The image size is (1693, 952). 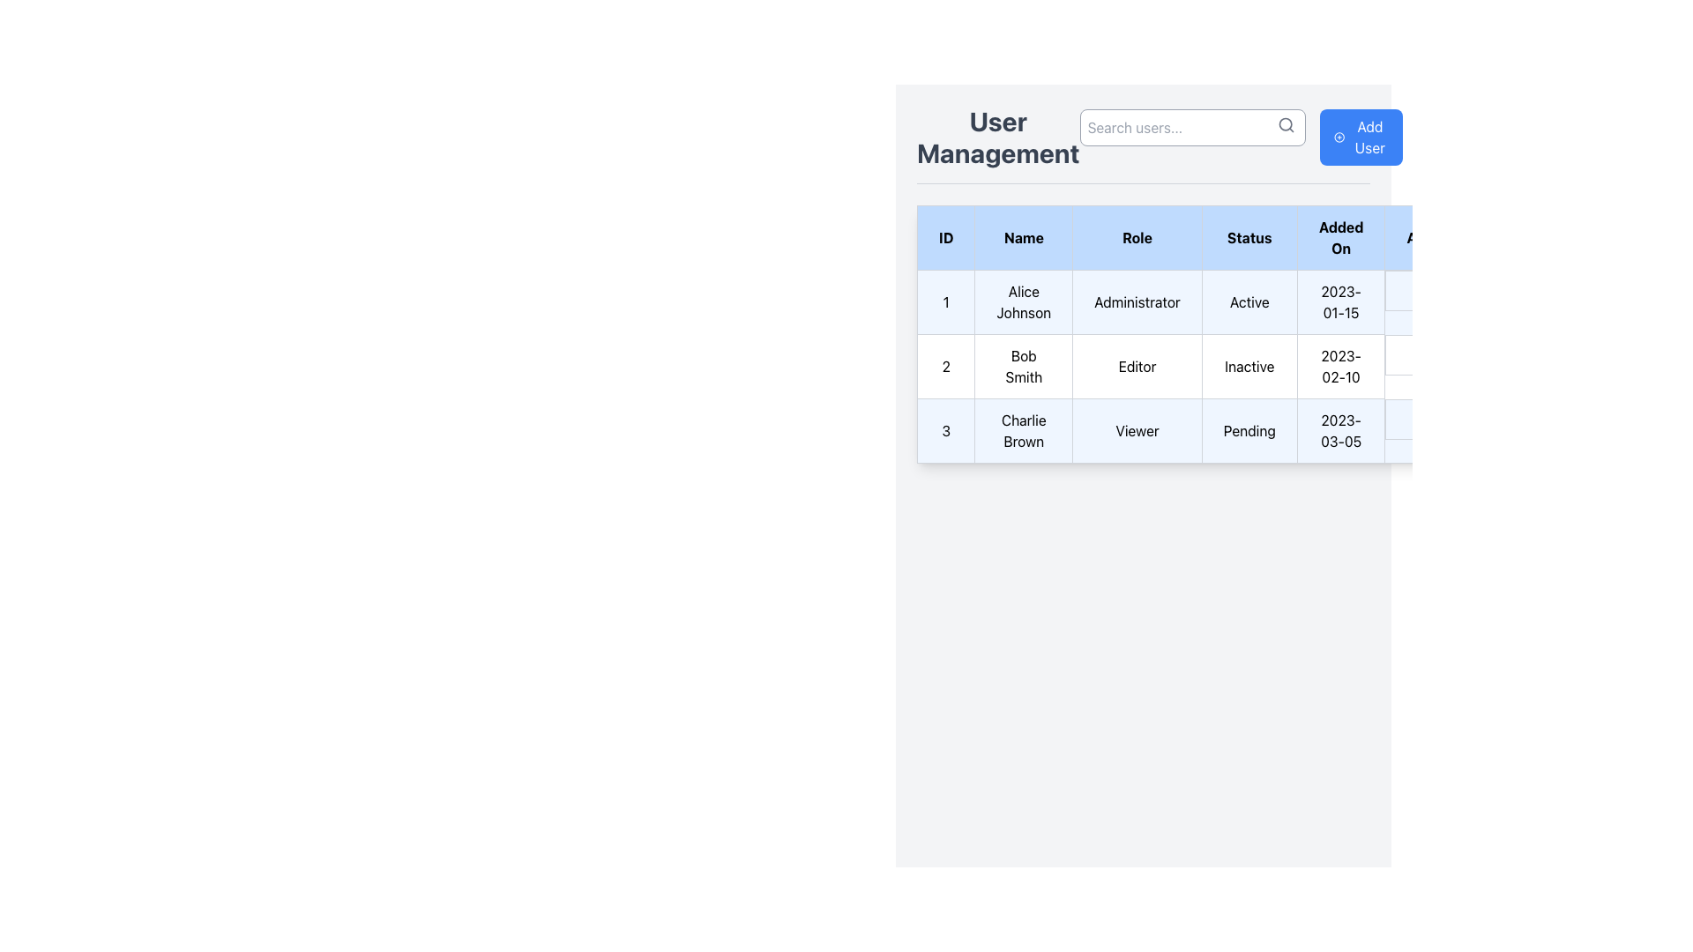 I want to click on the static text in the first cell of the second row of the table, which contains the number '2', so click(x=945, y=366).